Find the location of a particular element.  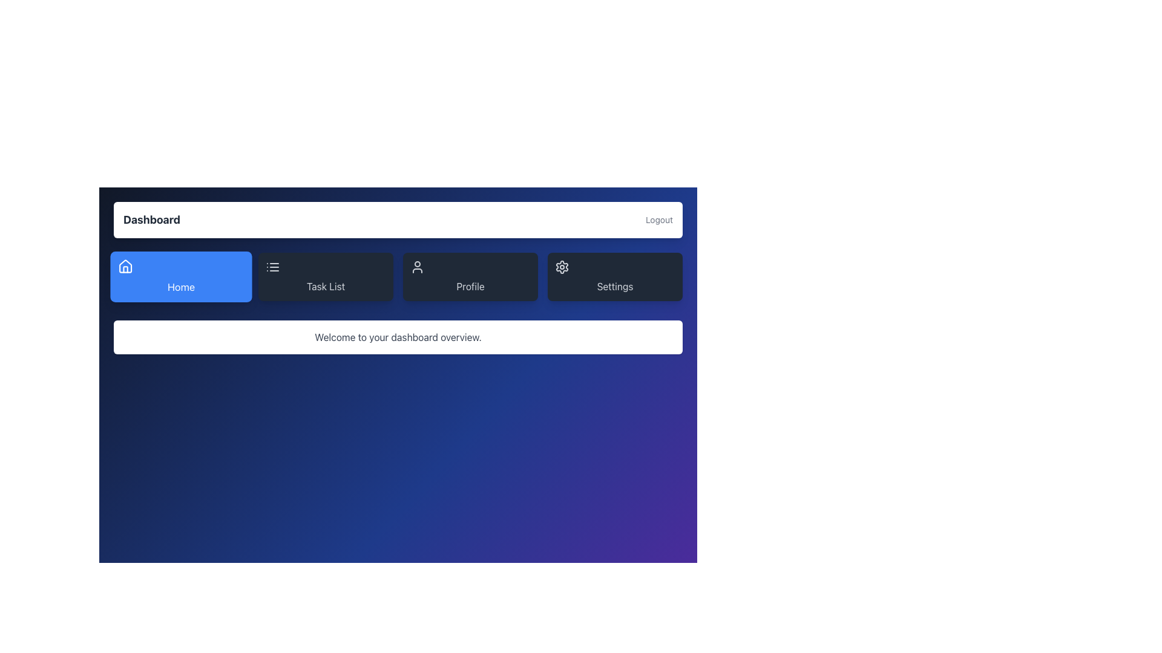

the 'Settings' button located in the fourth position from the left in the upper section of the interface to trigger visual effects is located at coordinates (615, 277).